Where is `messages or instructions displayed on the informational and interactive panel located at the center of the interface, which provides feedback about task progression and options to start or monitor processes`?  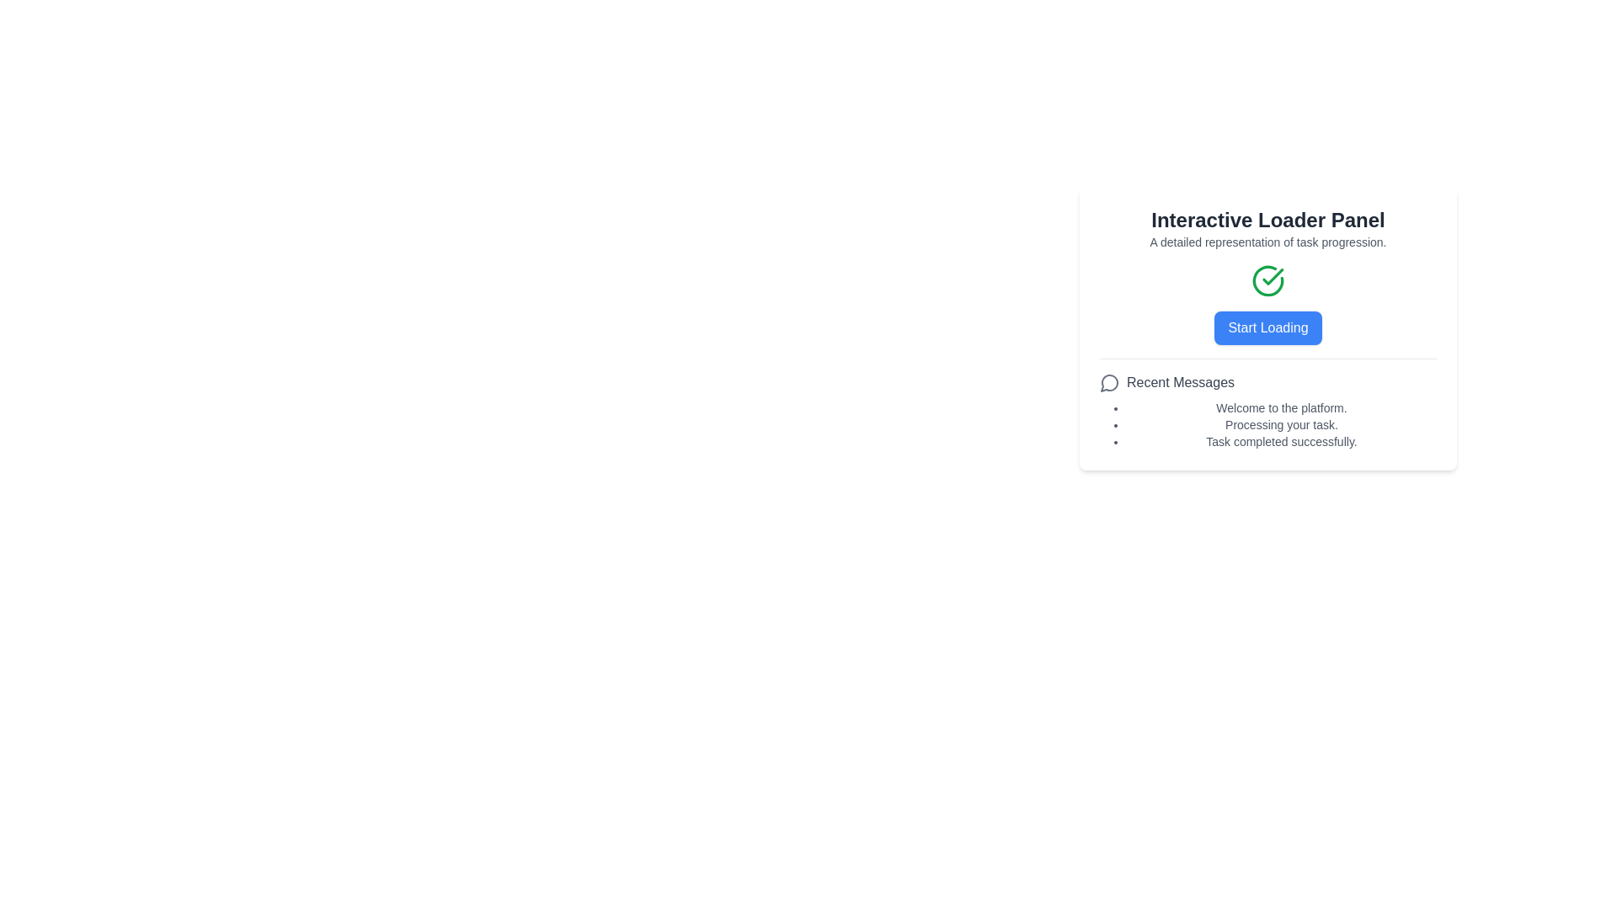
messages or instructions displayed on the informational and interactive panel located at the center of the interface, which provides feedback about task progression and options to start or monitor processes is located at coordinates (1268, 327).